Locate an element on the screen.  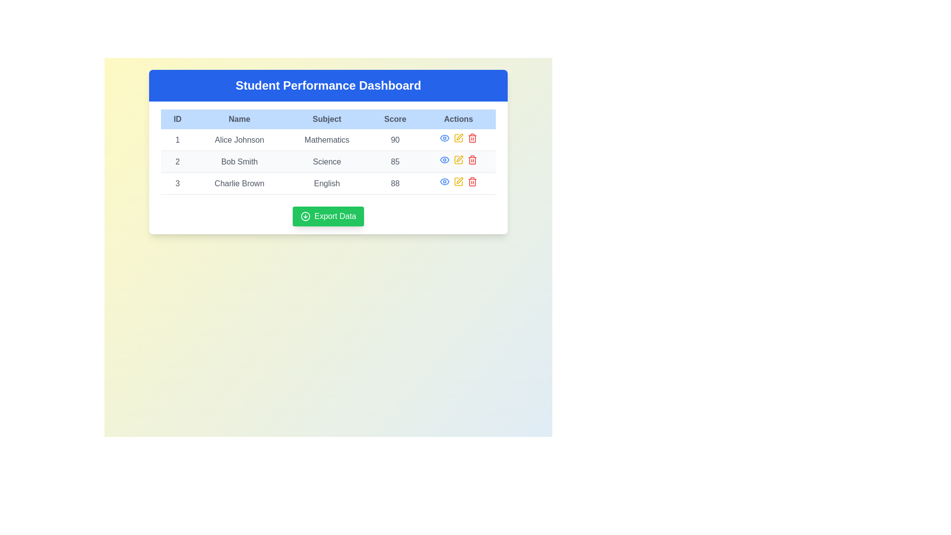
the 'Name' header cell in the Student Performance Dashboard table is located at coordinates (239, 118).